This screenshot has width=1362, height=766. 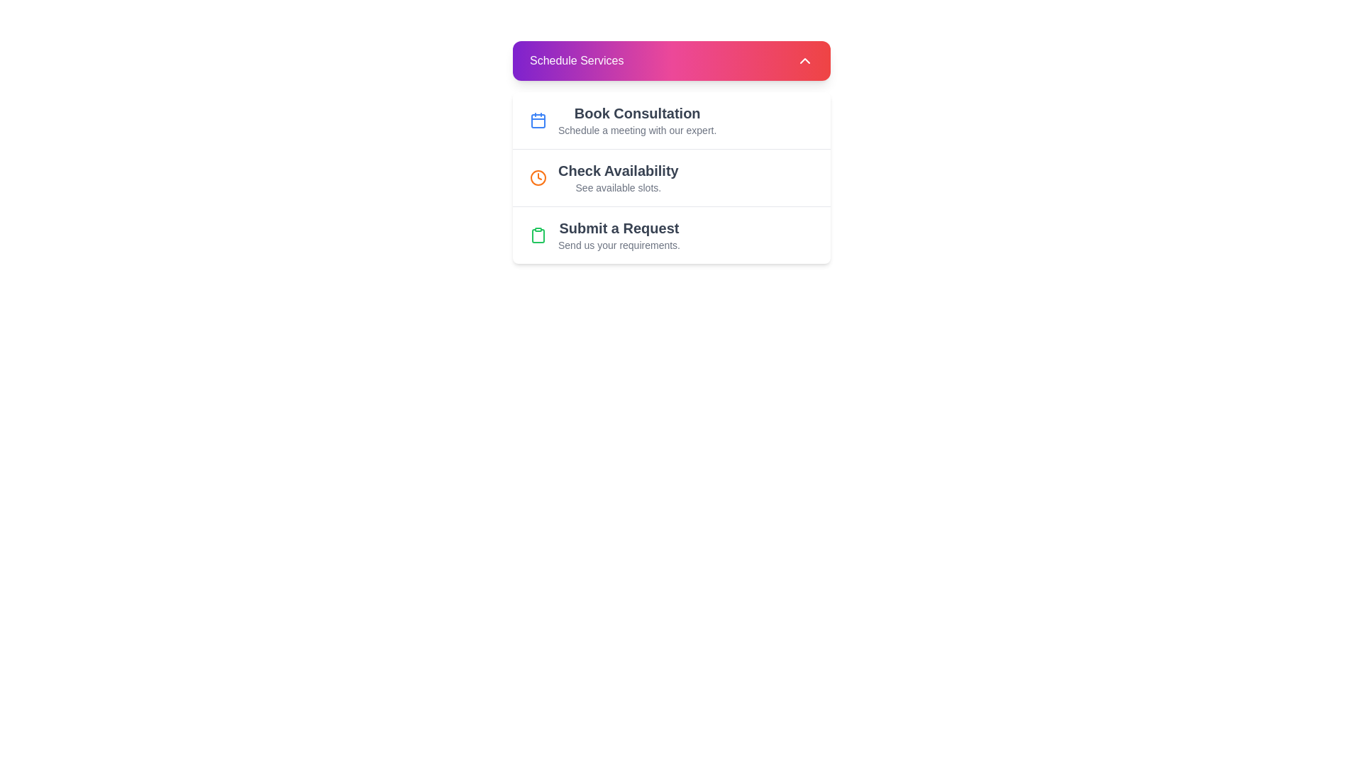 What do you see at coordinates (537, 120) in the screenshot?
I see `the Decorative SVG element with a blue stroke located centrally within the calendar icon, which is the first icon in the 'Schedule Services' panel` at bounding box center [537, 120].